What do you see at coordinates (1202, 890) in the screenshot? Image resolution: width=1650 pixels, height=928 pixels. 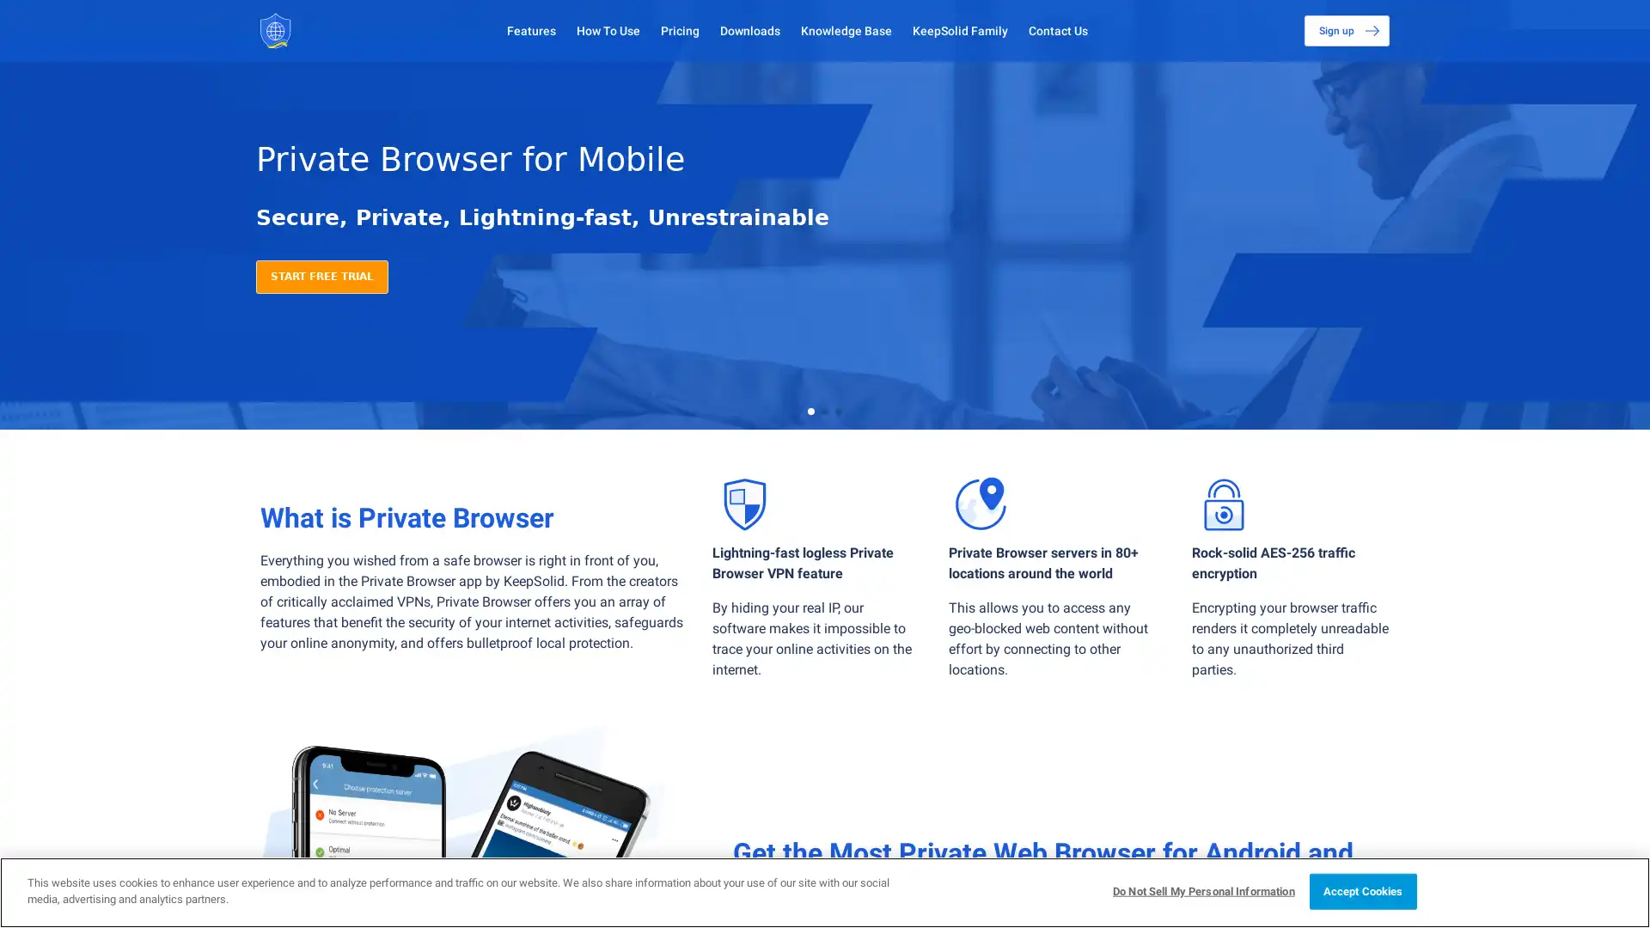 I see `Do Not Sell My Personal Information` at bounding box center [1202, 890].